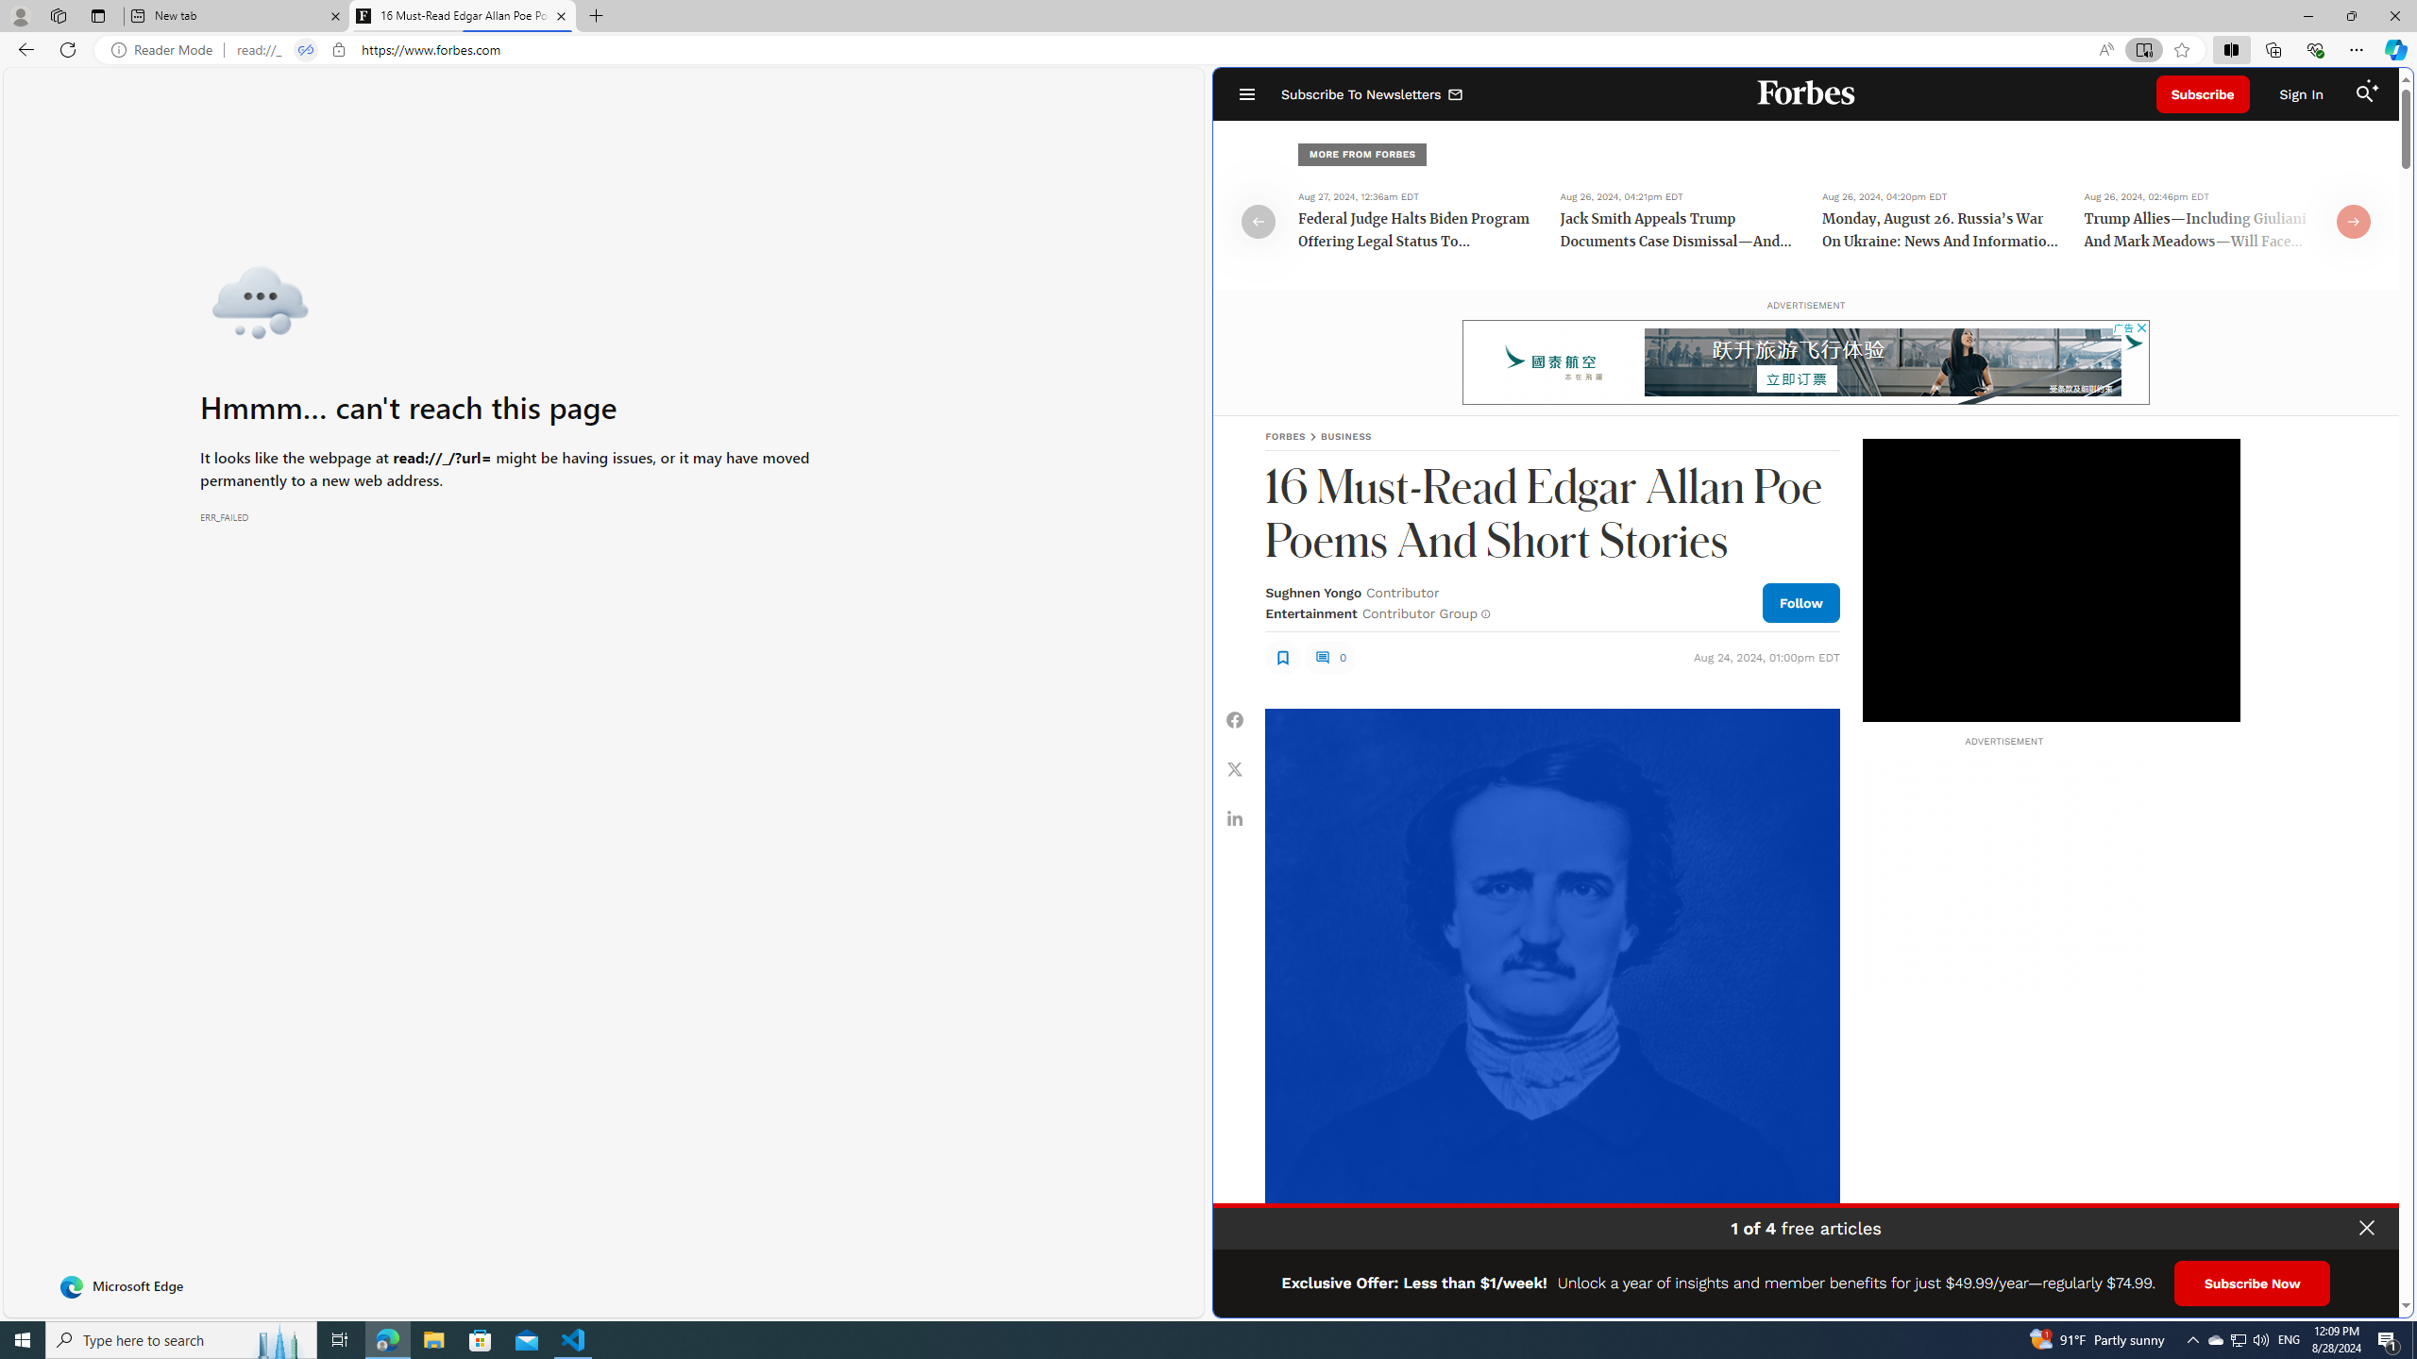 The image size is (2417, 1359). I want to click on 'Class: fs-icon fs-icon--Facebook', so click(1235, 719).